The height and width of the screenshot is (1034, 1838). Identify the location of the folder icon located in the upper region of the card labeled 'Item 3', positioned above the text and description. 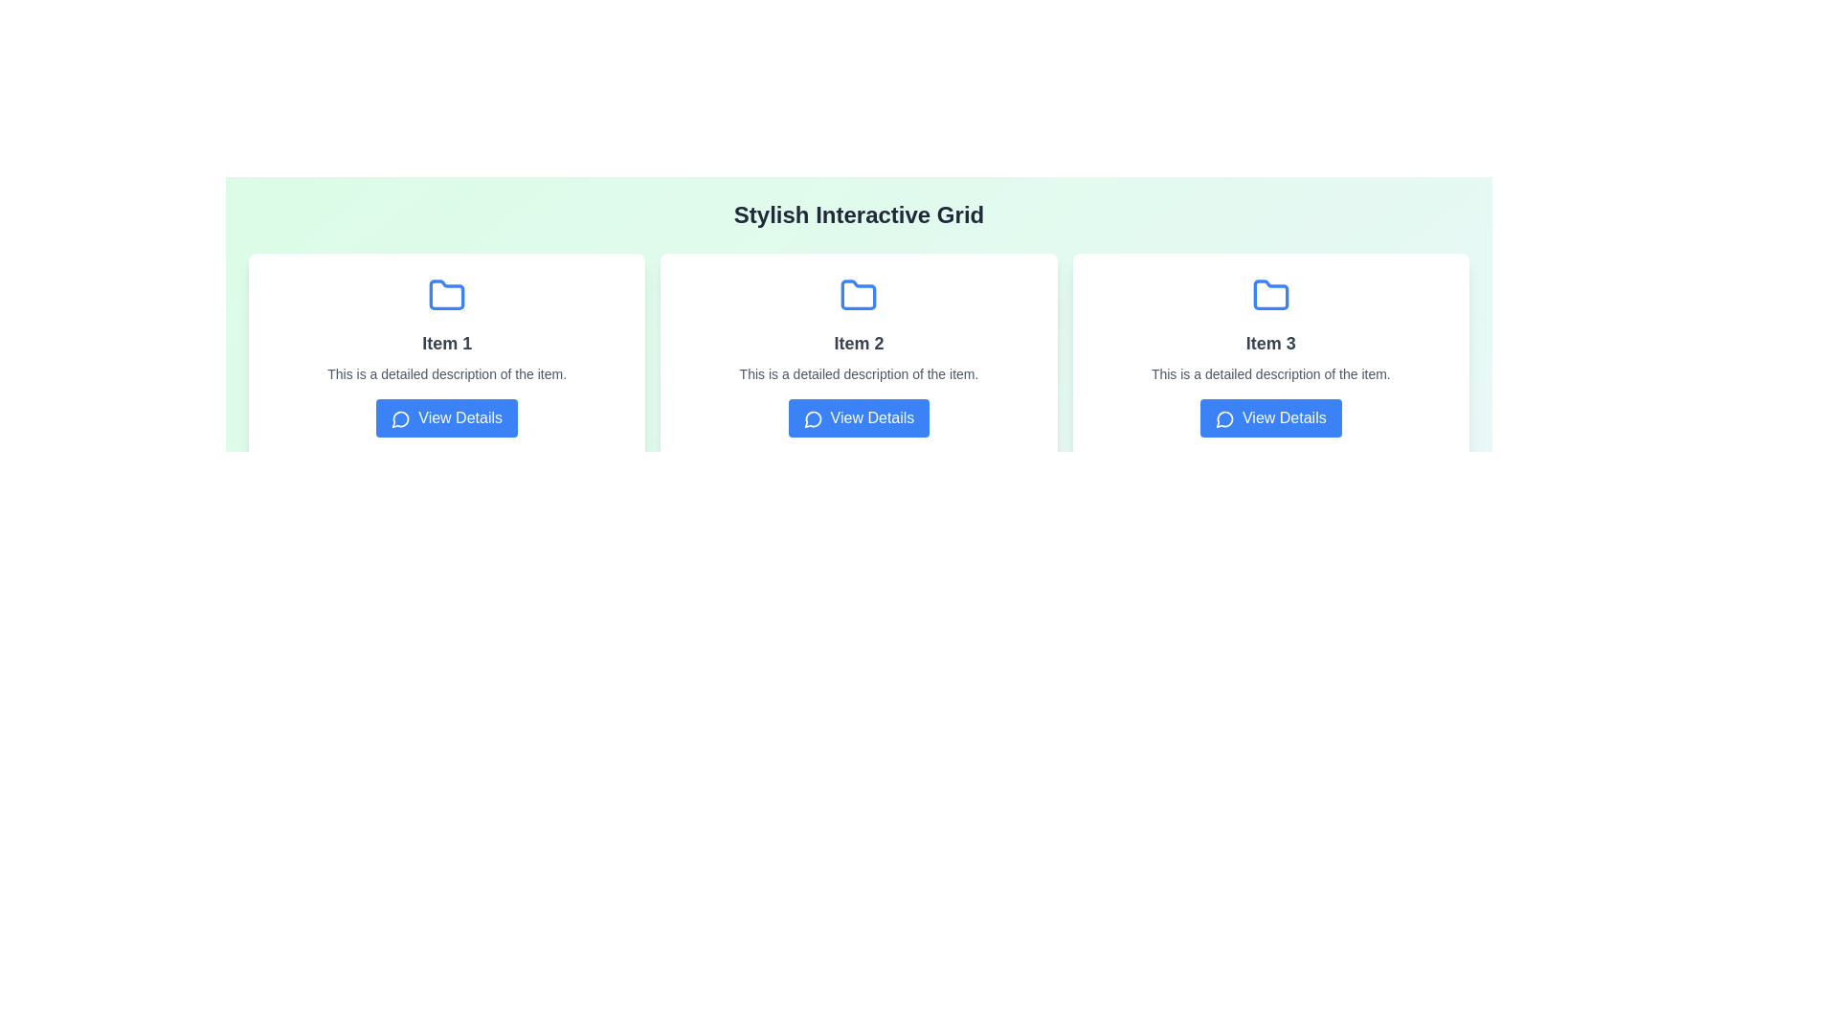
(1270, 295).